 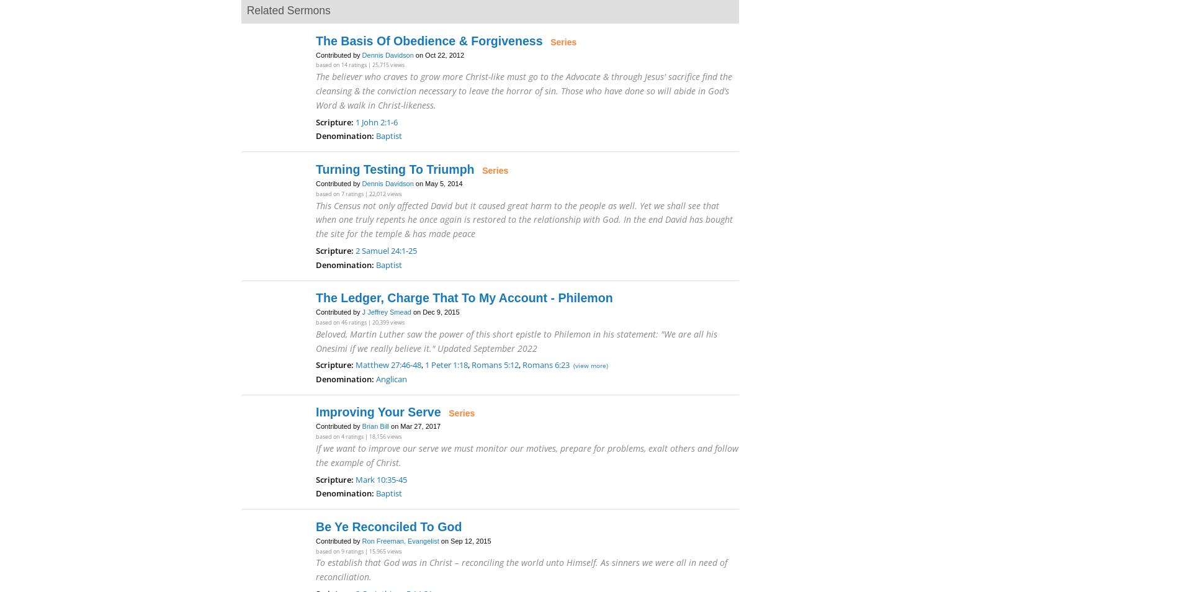 I want to click on 'based on  46 ratings', so click(x=341, y=321).